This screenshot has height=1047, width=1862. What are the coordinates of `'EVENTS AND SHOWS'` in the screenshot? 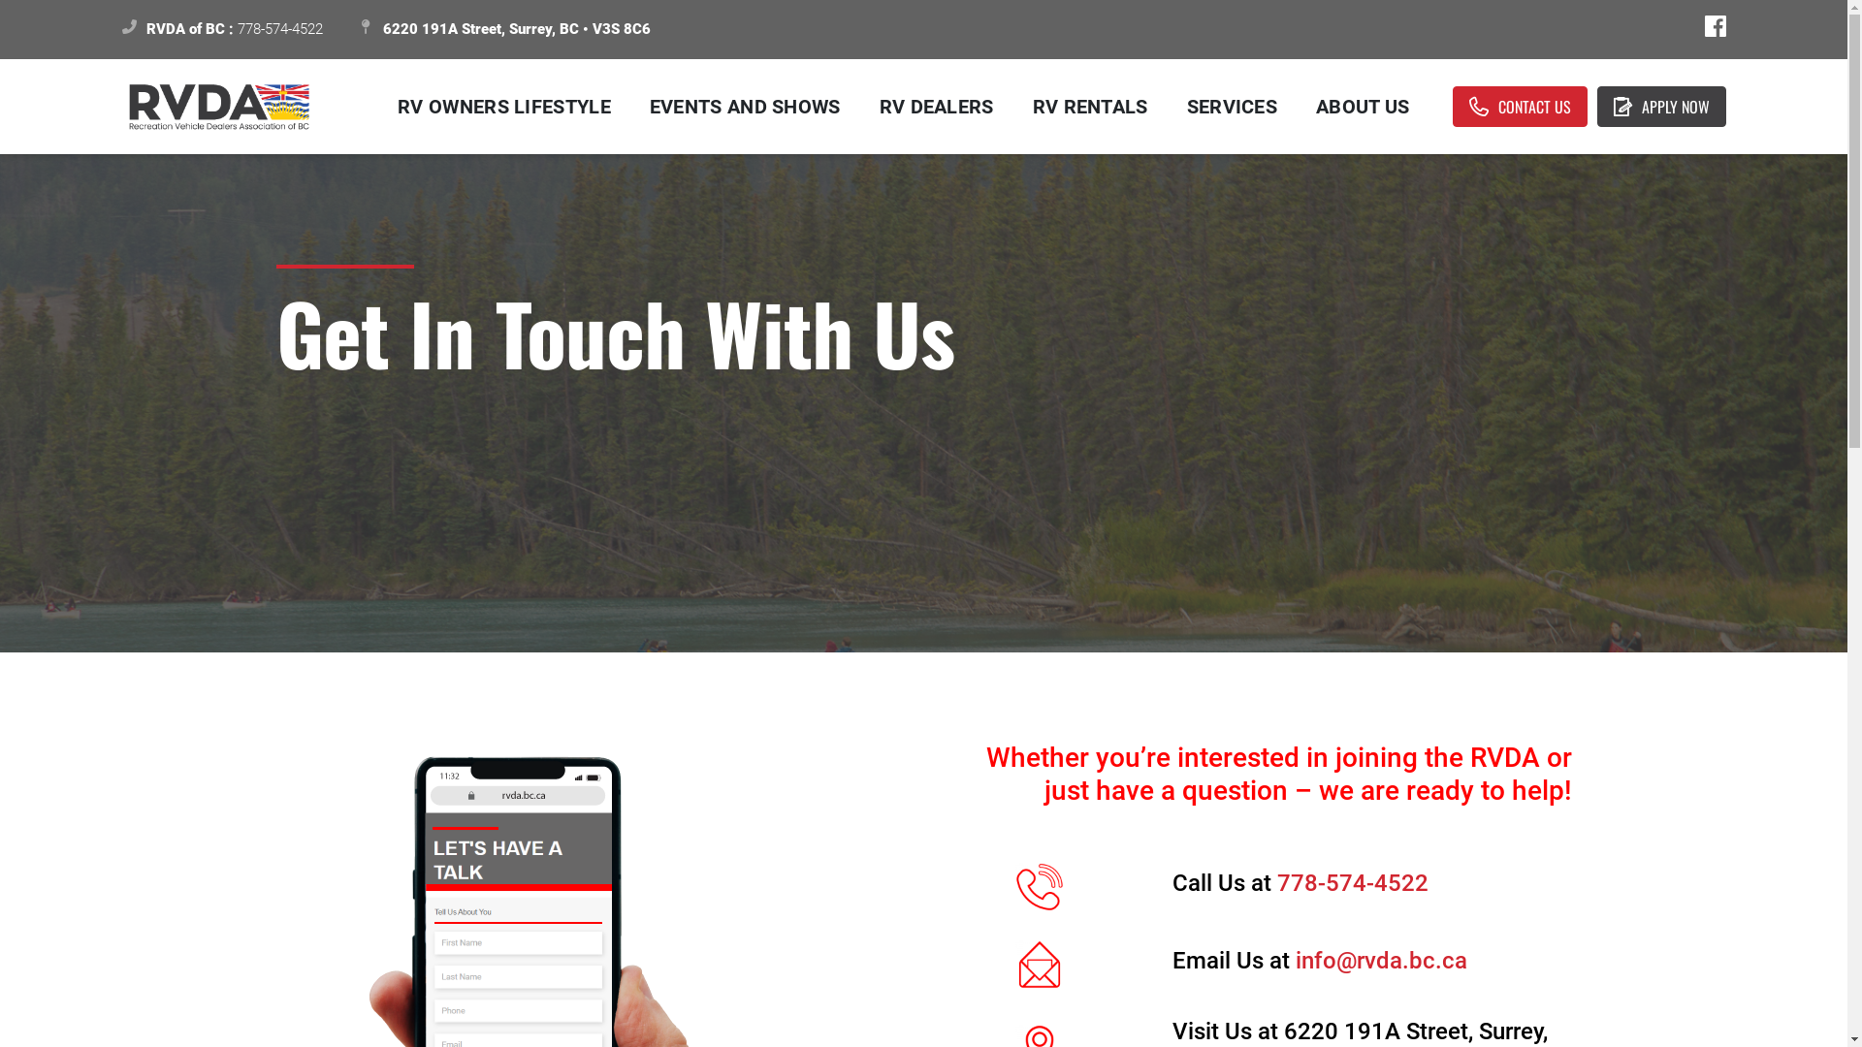 It's located at (744, 107).